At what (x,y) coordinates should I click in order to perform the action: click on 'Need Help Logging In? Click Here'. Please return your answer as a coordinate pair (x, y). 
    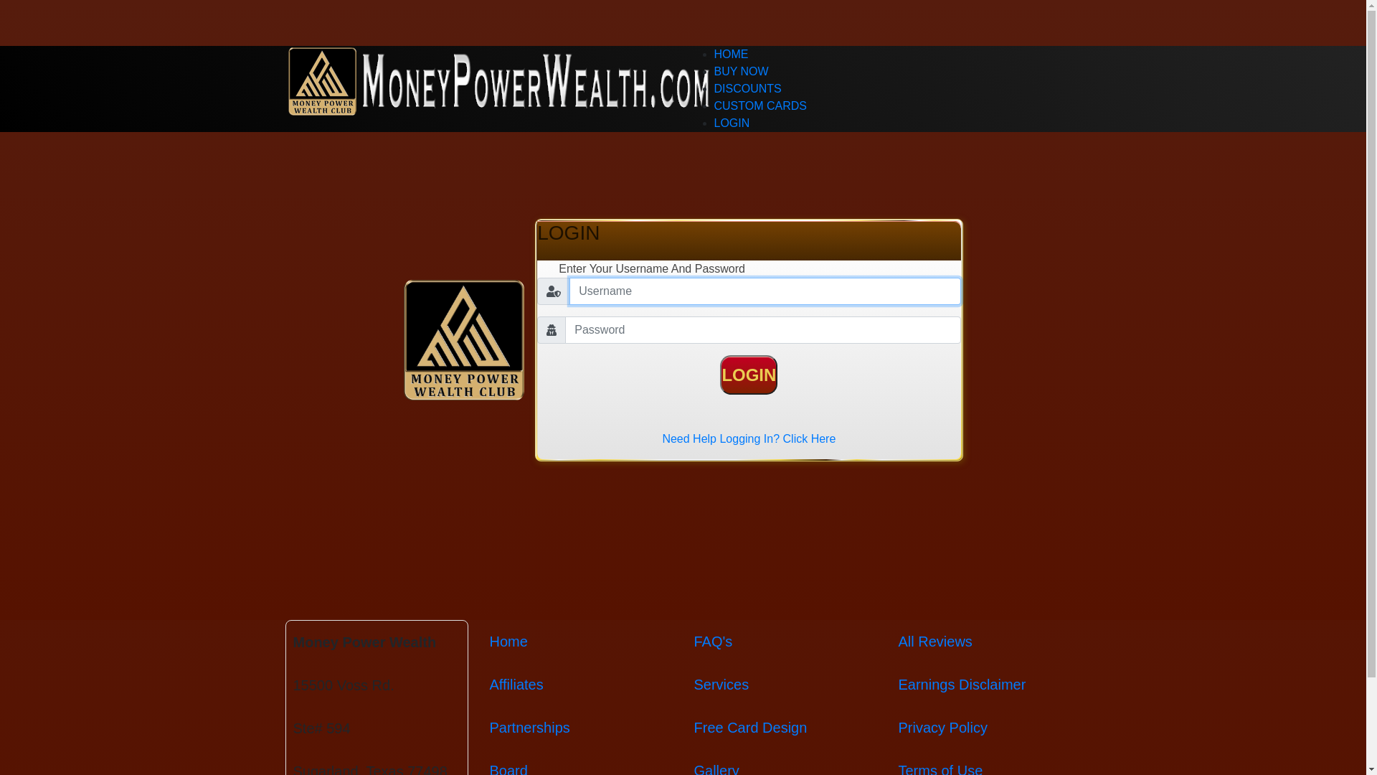
    Looking at the image, I should click on (661, 438).